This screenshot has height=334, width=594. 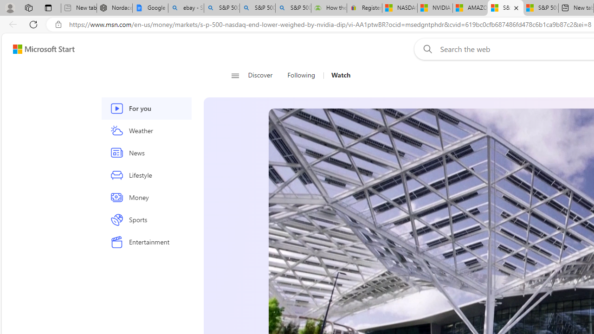 I want to click on 'Web search', so click(x=425, y=49).